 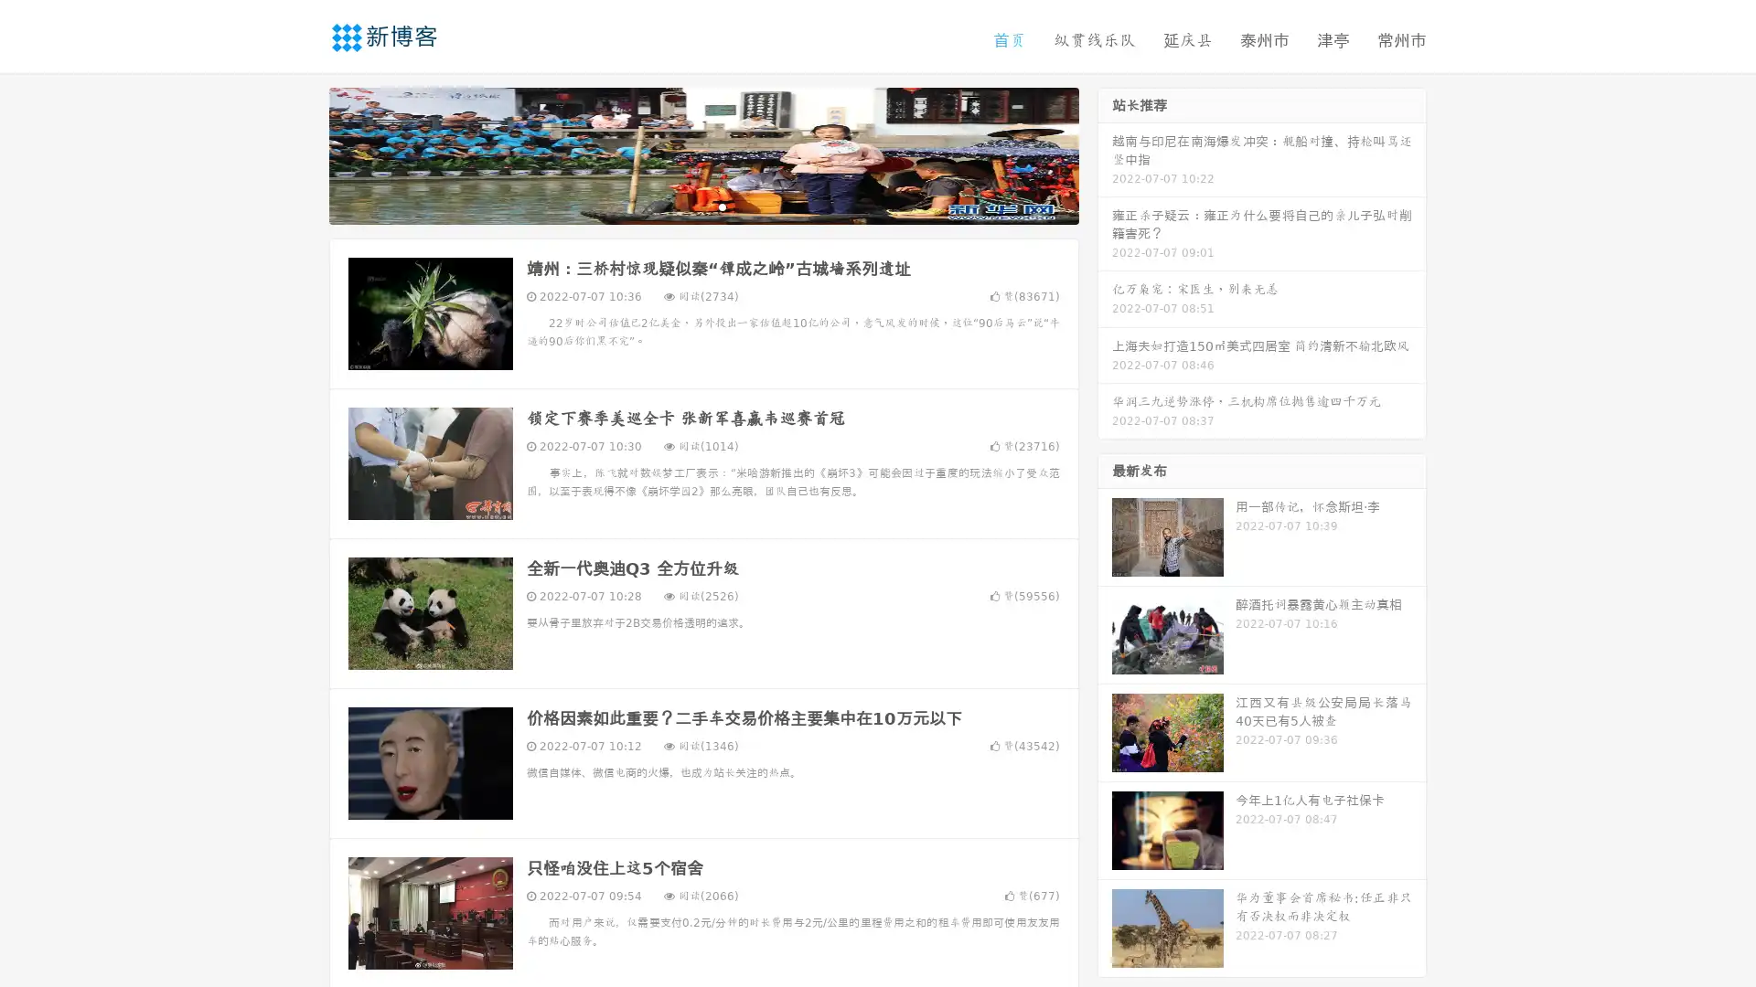 I want to click on Go to slide 2, so click(x=702, y=206).